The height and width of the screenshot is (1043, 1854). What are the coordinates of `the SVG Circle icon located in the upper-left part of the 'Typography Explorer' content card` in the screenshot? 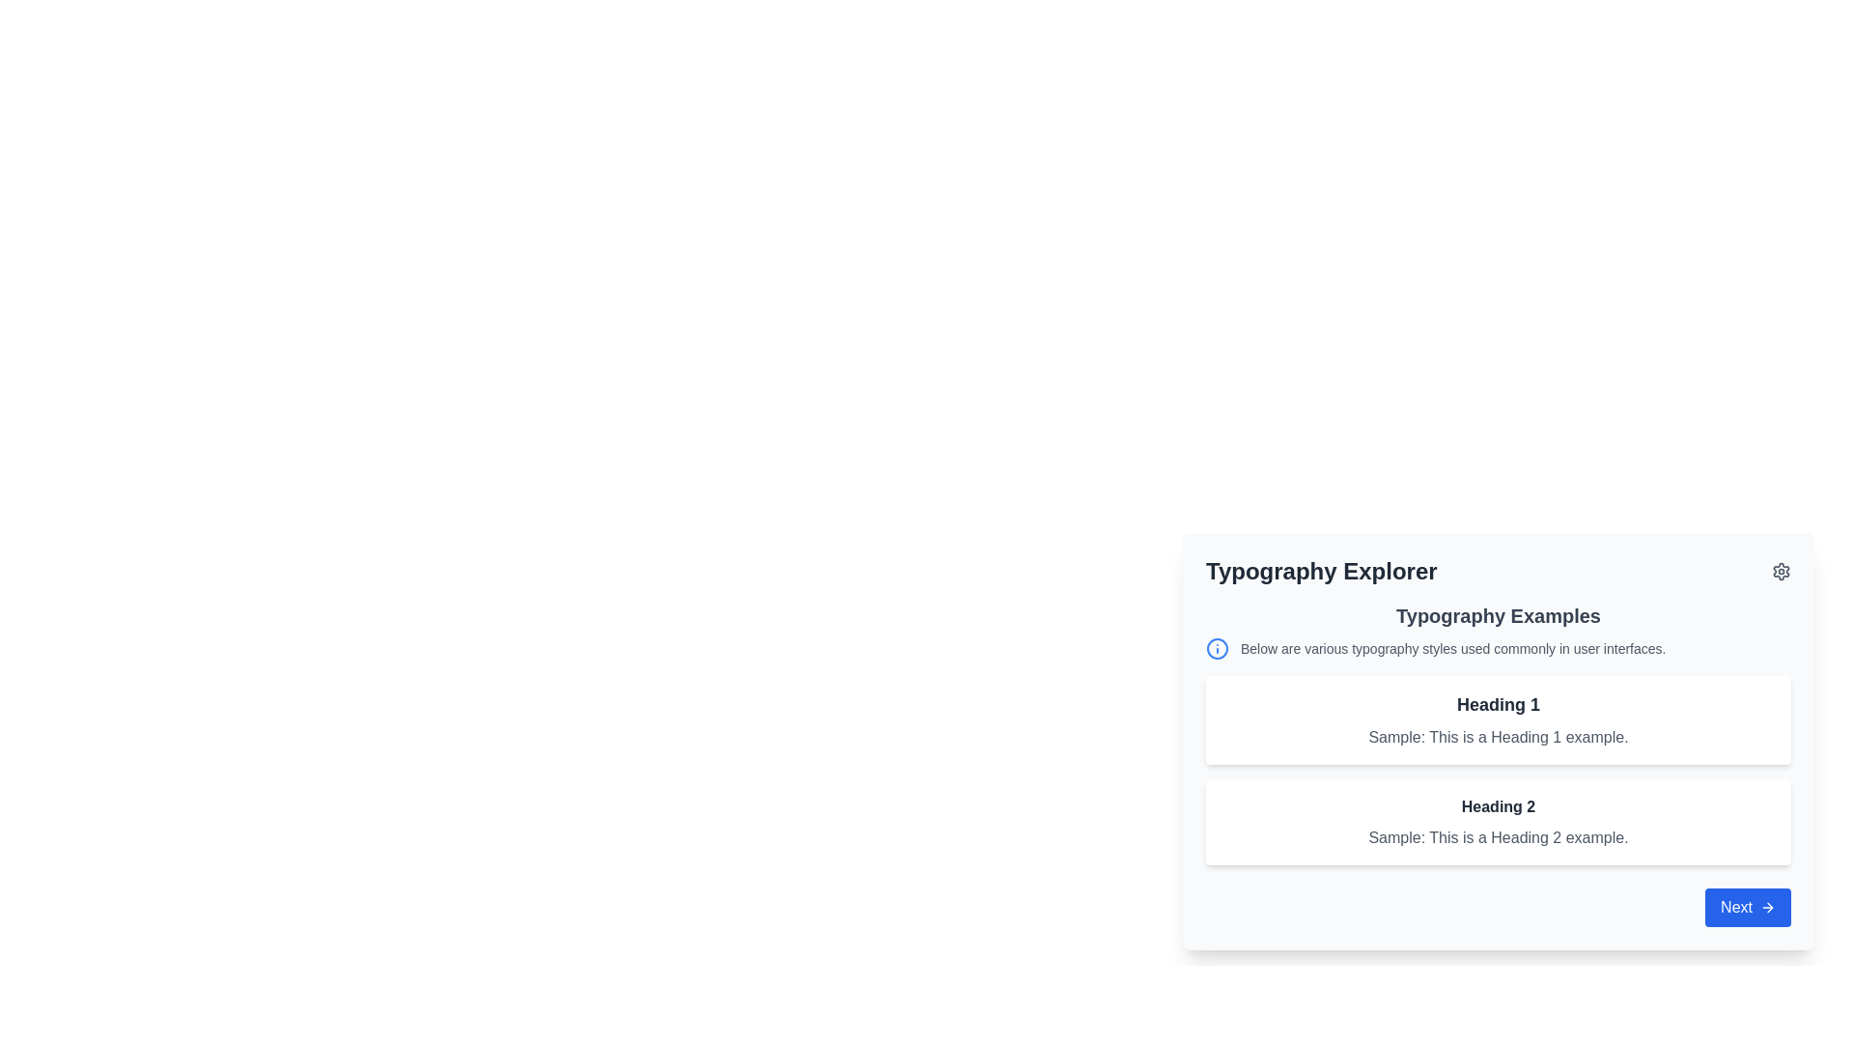 It's located at (1217, 648).